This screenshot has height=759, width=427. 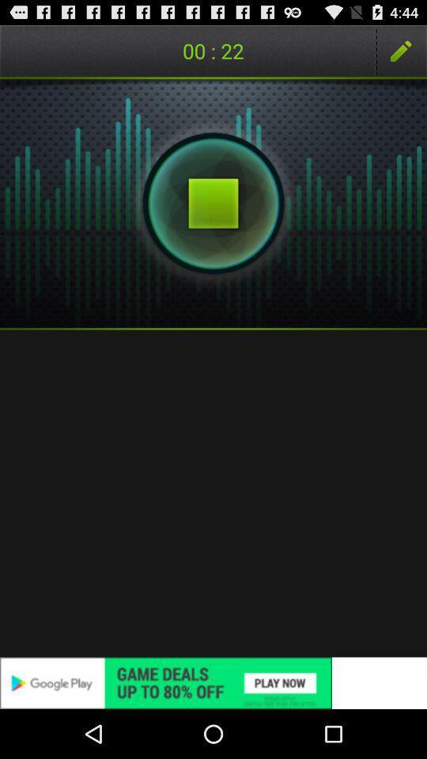 I want to click on advertisement, so click(x=213, y=682).